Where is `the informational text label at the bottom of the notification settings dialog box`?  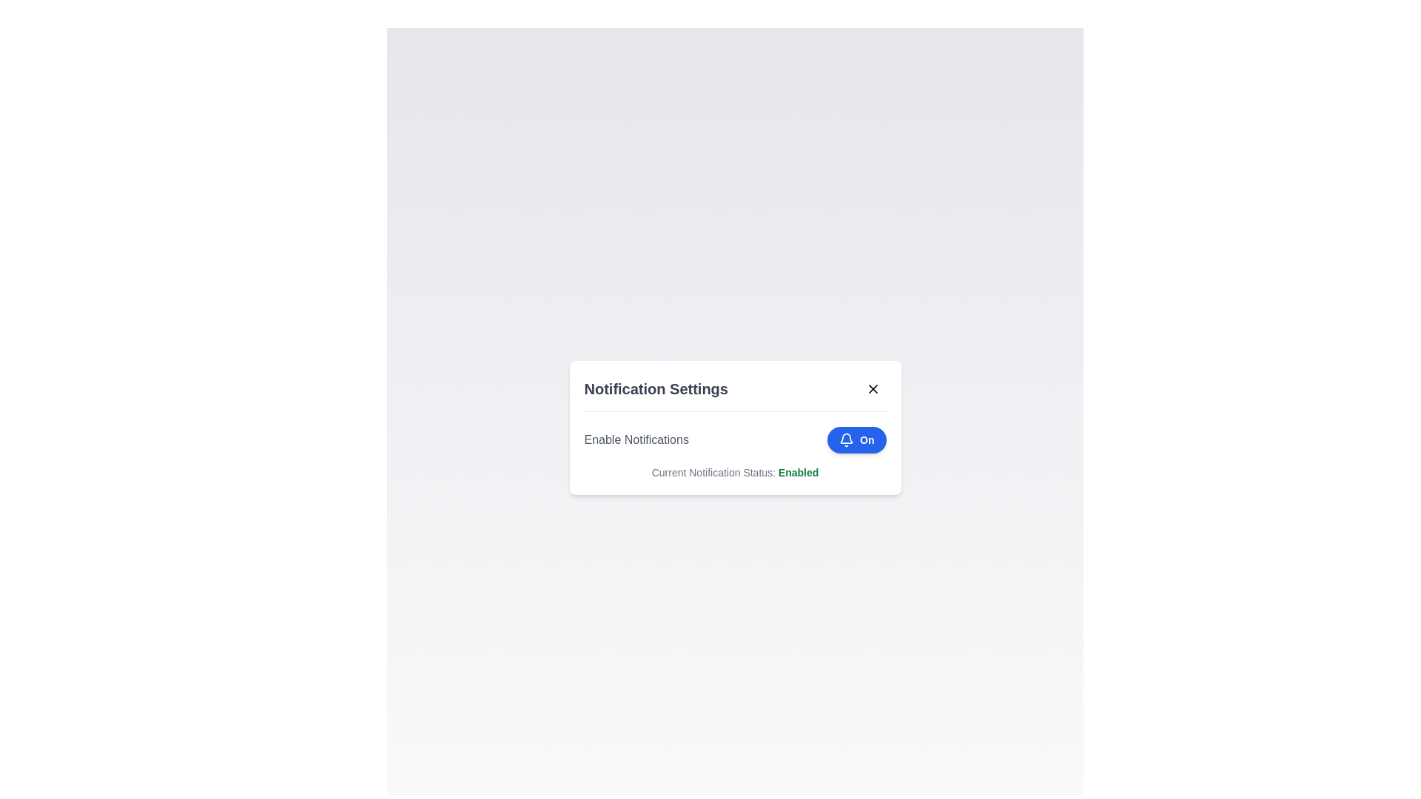
the informational text label at the bottom of the notification settings dialog box is located at coordinates (735, 472).